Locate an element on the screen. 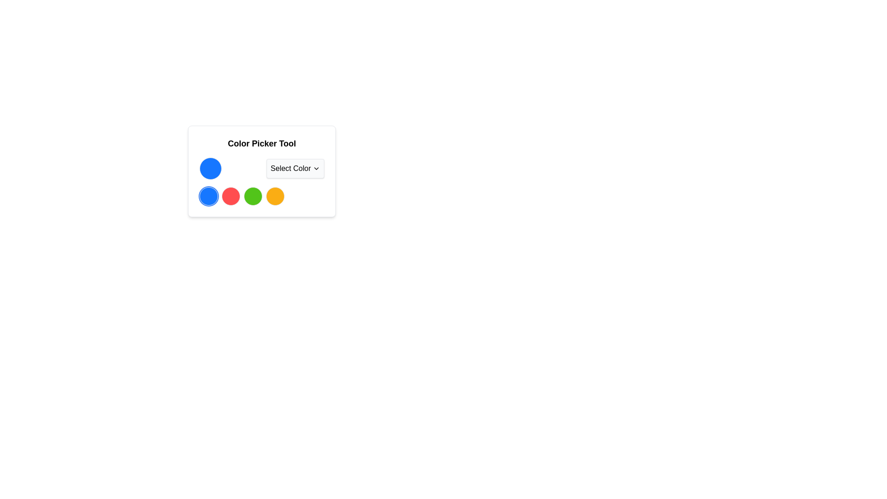 This screenshot has width=887, height=499. the third circular button in the Color Picker Tool is located at coordinates (261, 195).